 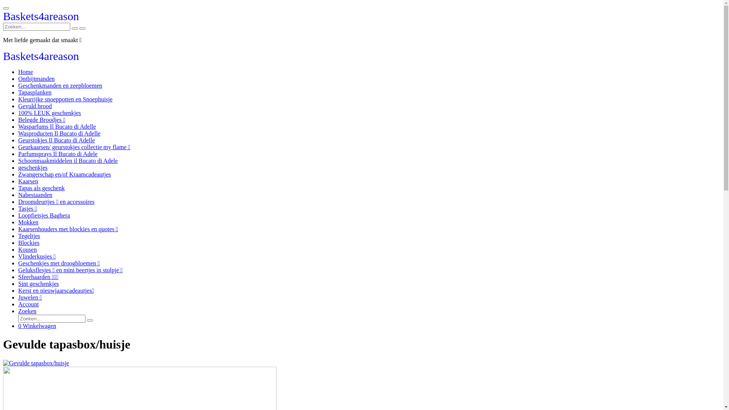 I want to click on 'Wasproducten Il Bucato di Adelle', so click(x=18, y=133).